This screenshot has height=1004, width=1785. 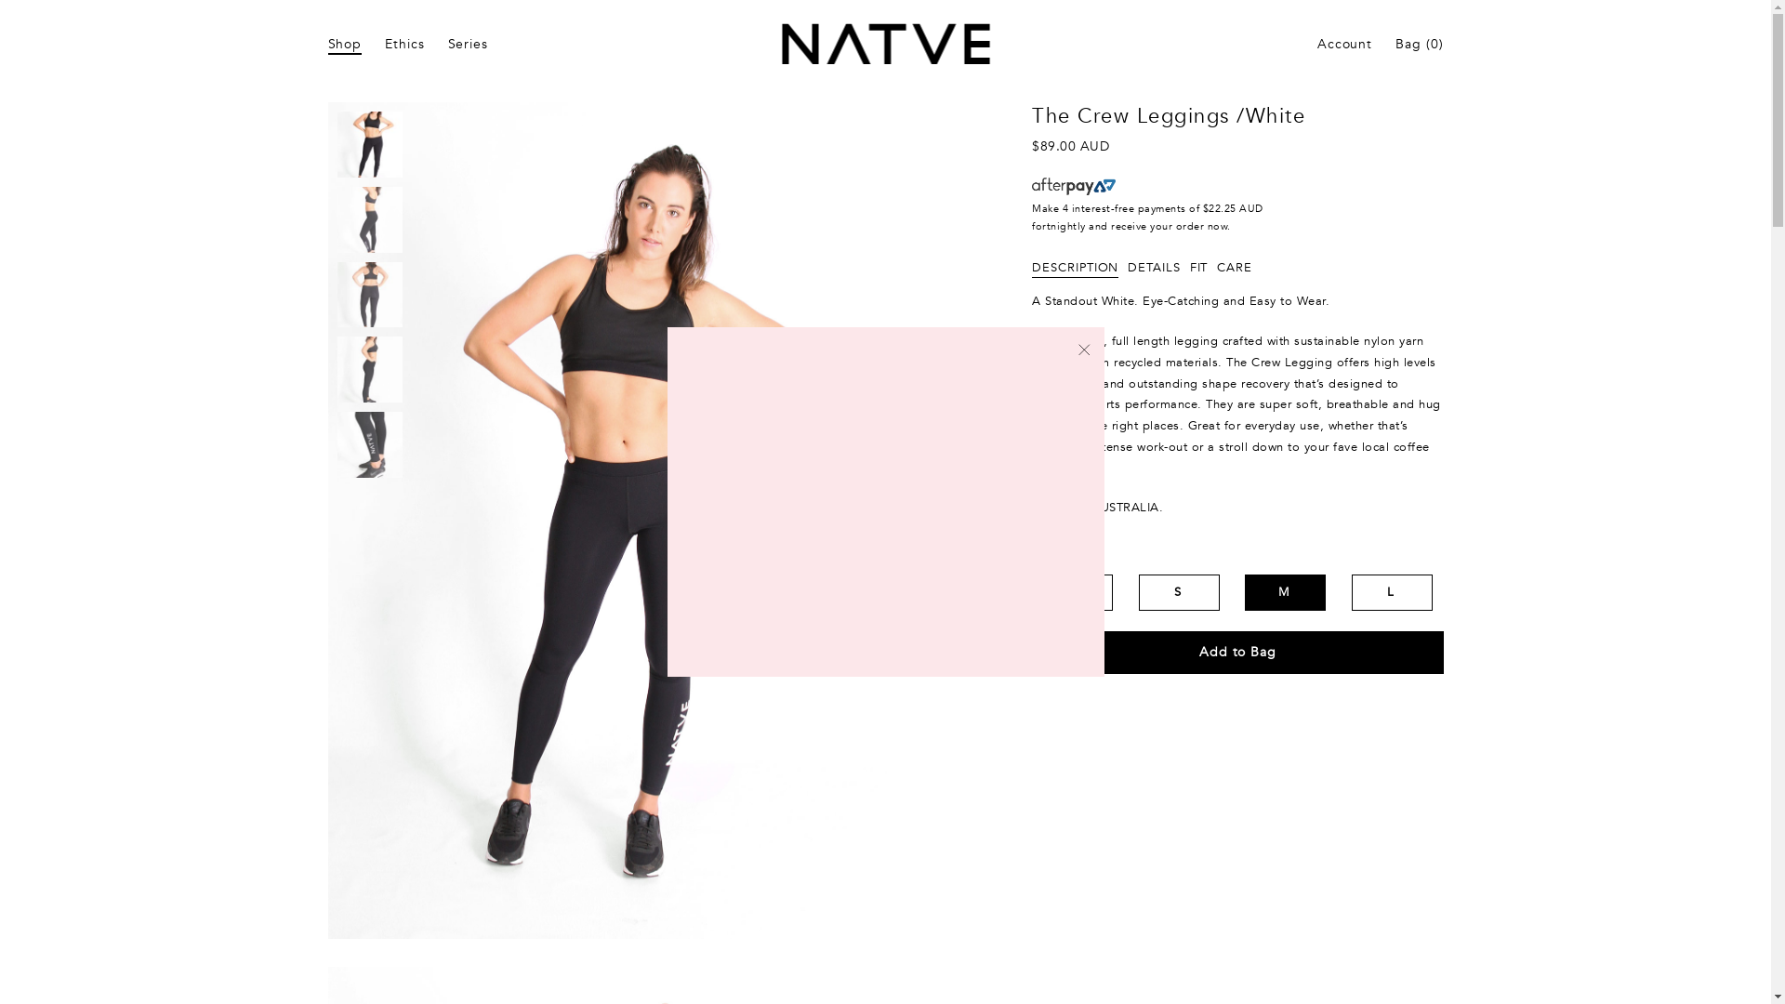 What do you see at coordinates (468, 44) in the screenshot?
I see `'Series'` at bounding box center [468, 44].